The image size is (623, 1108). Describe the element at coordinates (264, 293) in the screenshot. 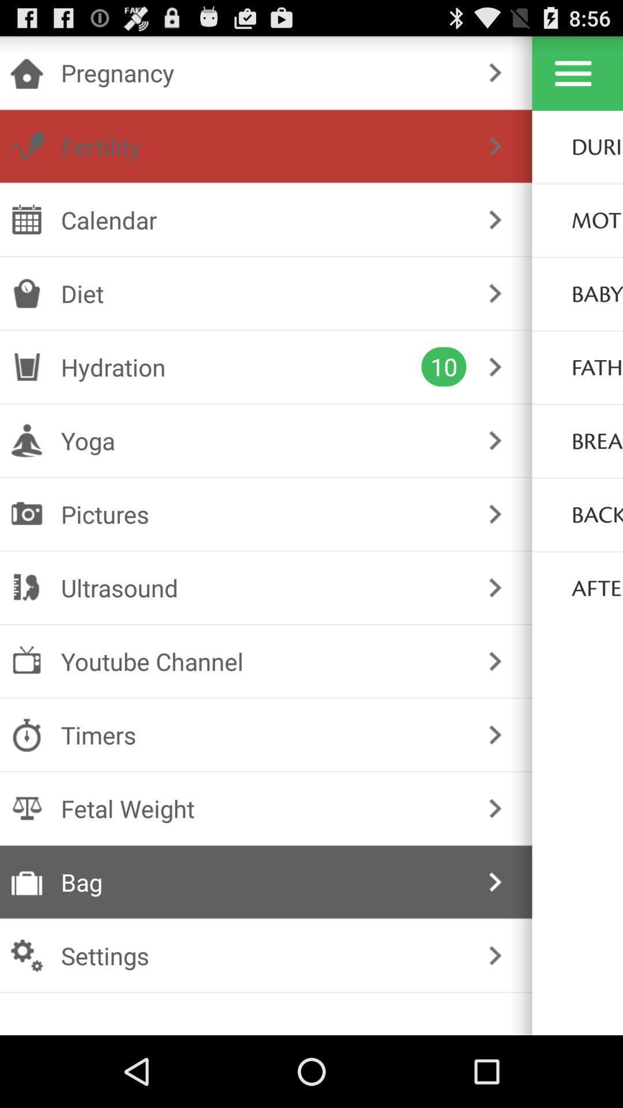

I see `icon below calendar item` at that location.